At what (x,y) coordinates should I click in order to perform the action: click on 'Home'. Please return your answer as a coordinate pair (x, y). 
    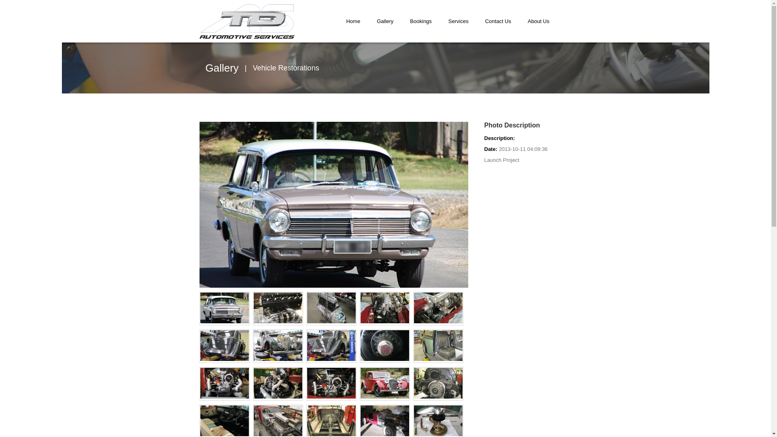
    Looking at the image, I should click on (353, 21).